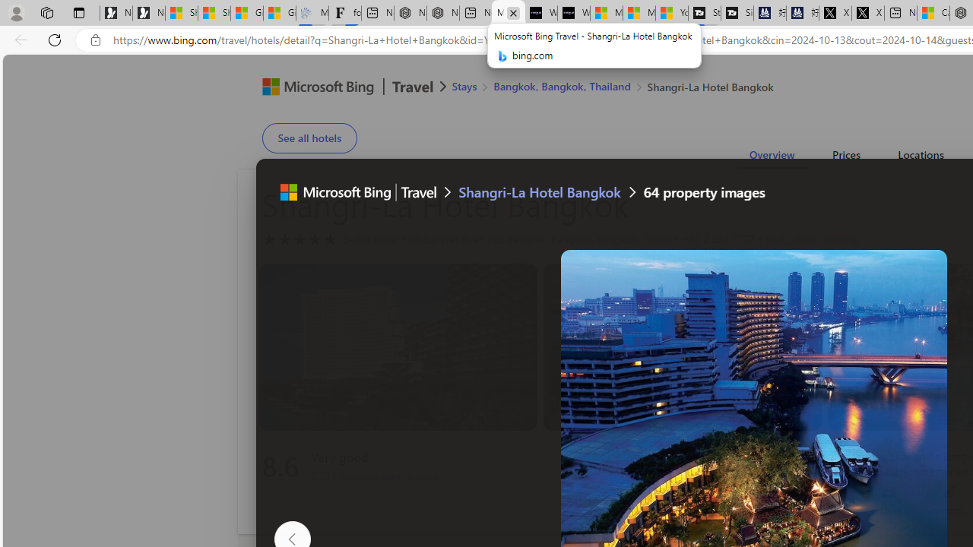 The width and height of the screenshot is (973, 547). Describe the element at coordinates (704, 13) in the screenshot. I see `'Streaming Coverage | T3'` at that location.